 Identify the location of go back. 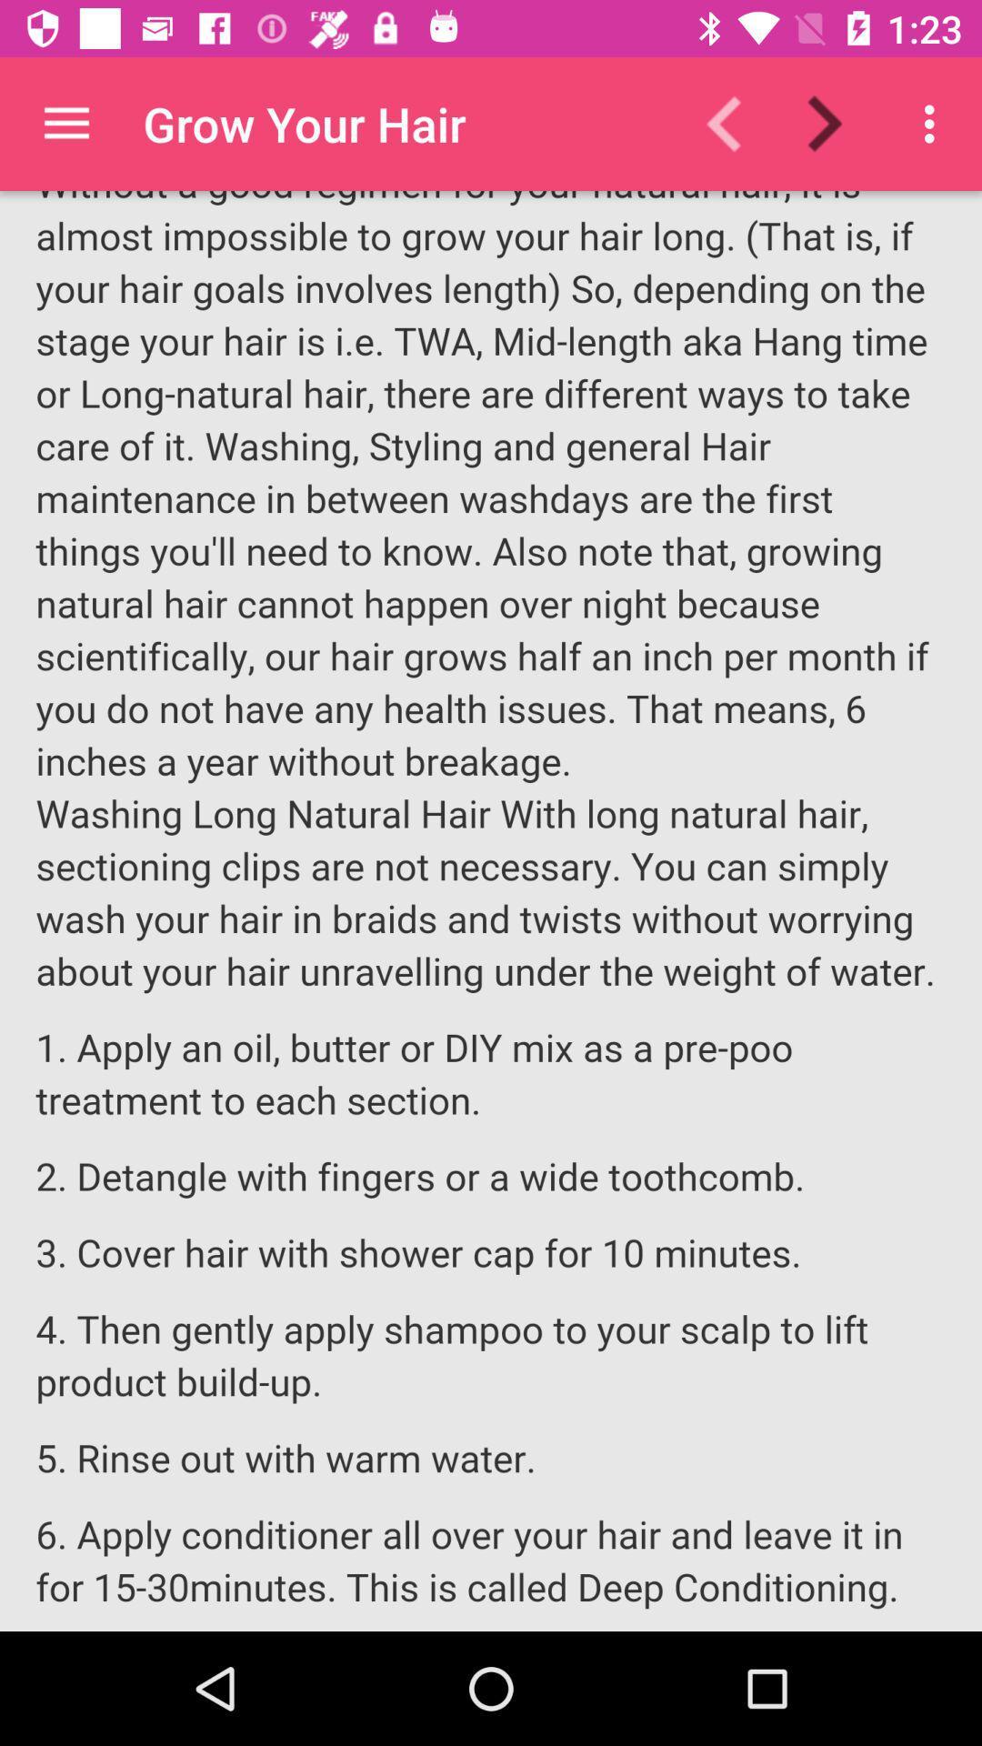
(735, 123).